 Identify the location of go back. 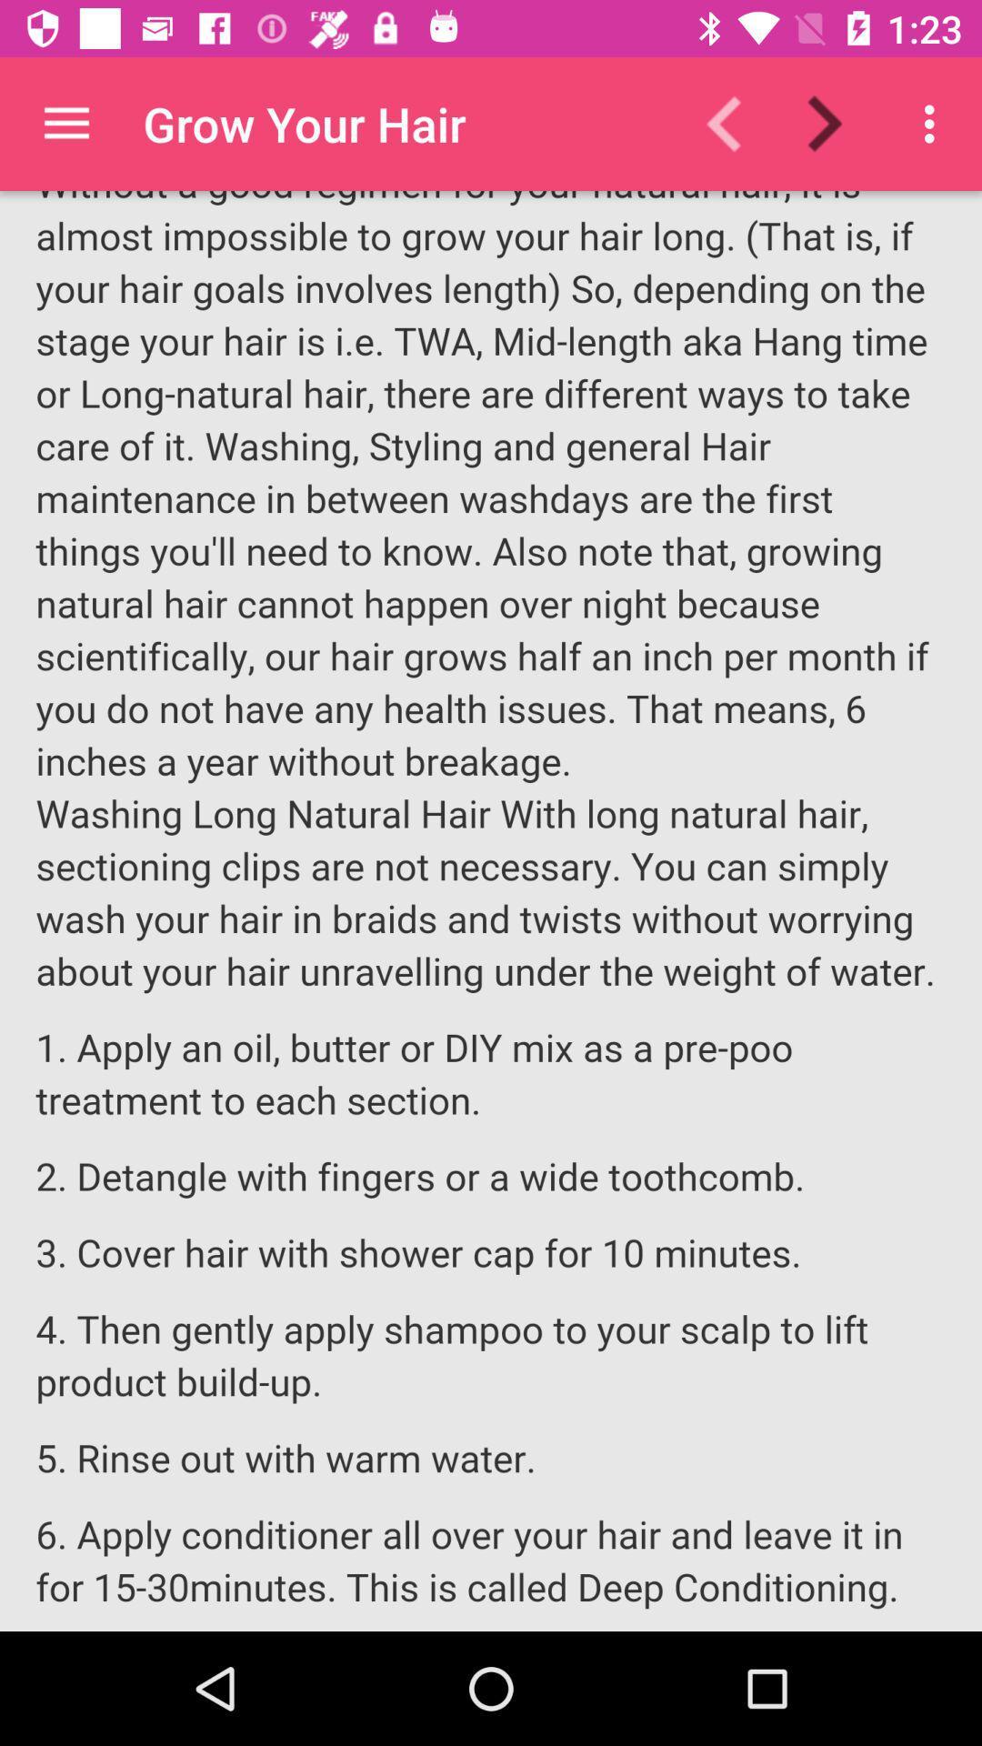
(735, 123).